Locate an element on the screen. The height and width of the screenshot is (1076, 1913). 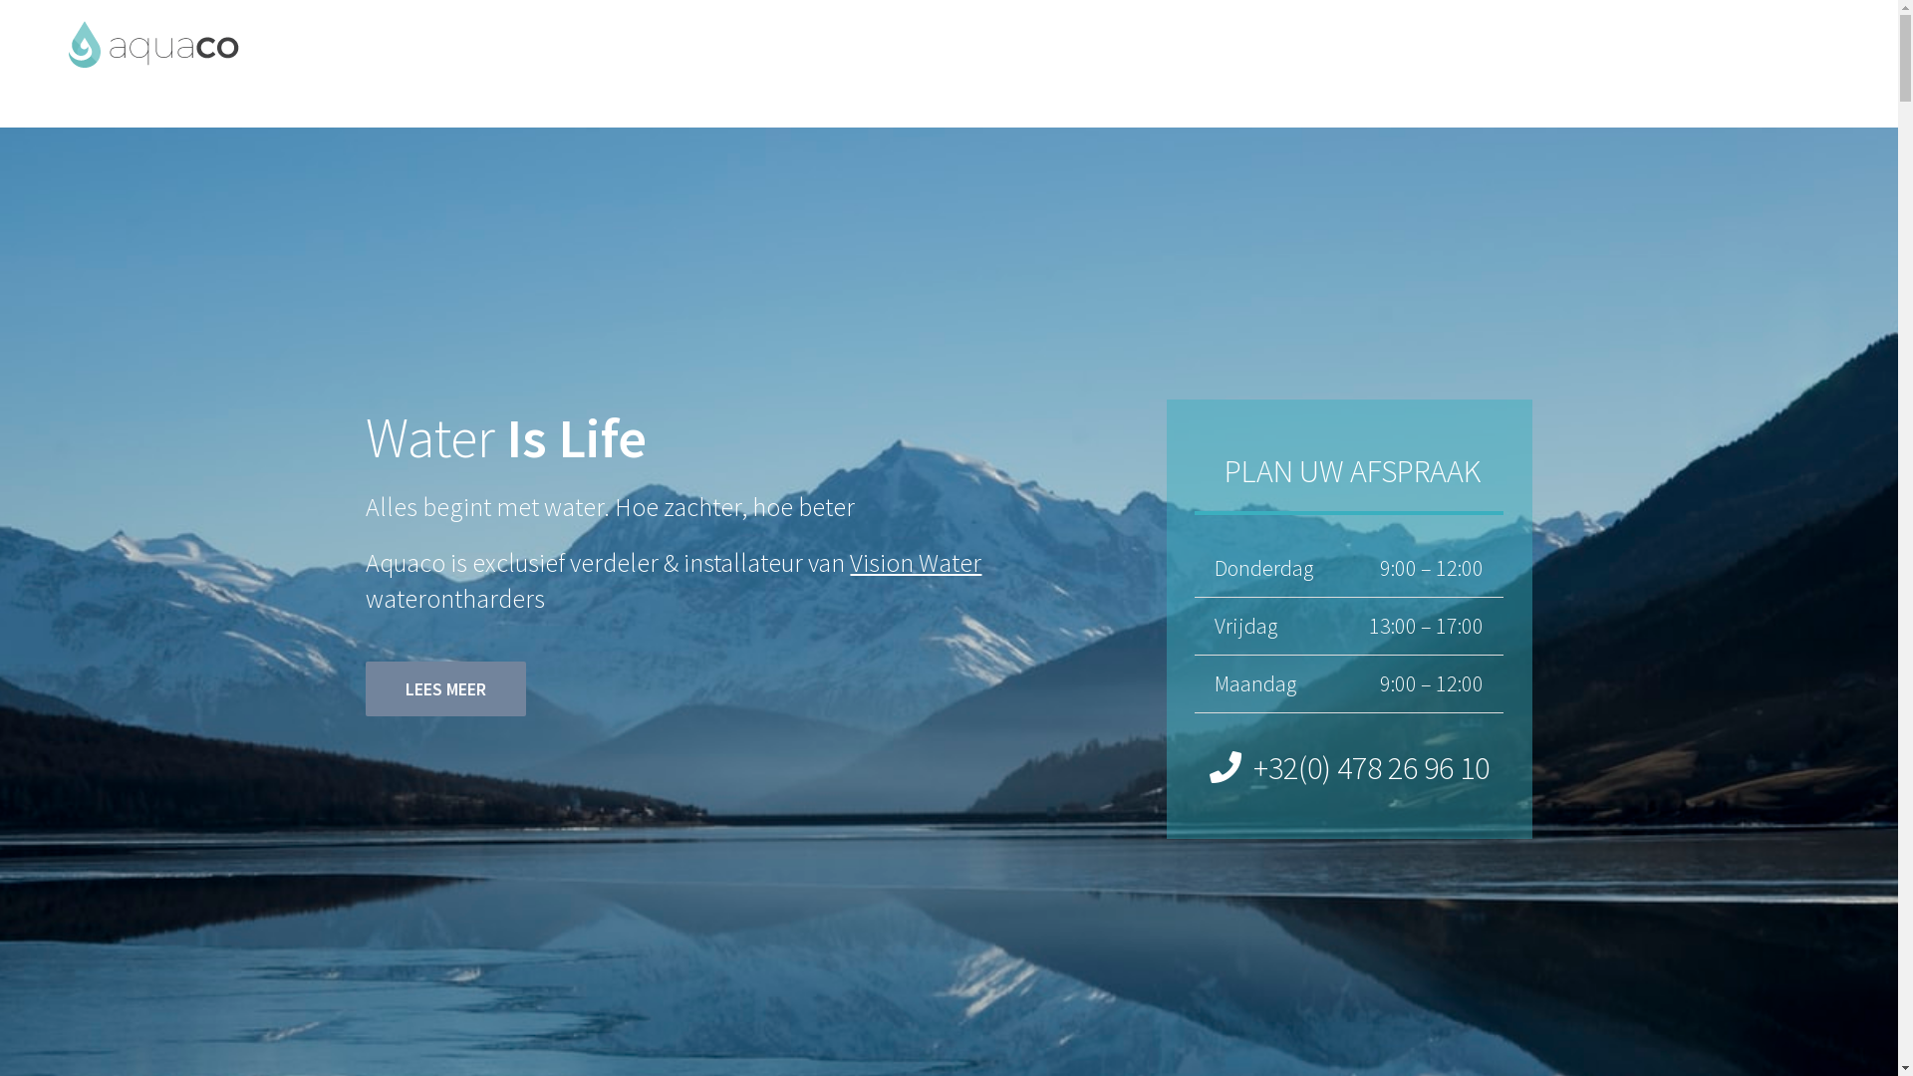
'LEES MEER' is located at coordinates (444, 687).